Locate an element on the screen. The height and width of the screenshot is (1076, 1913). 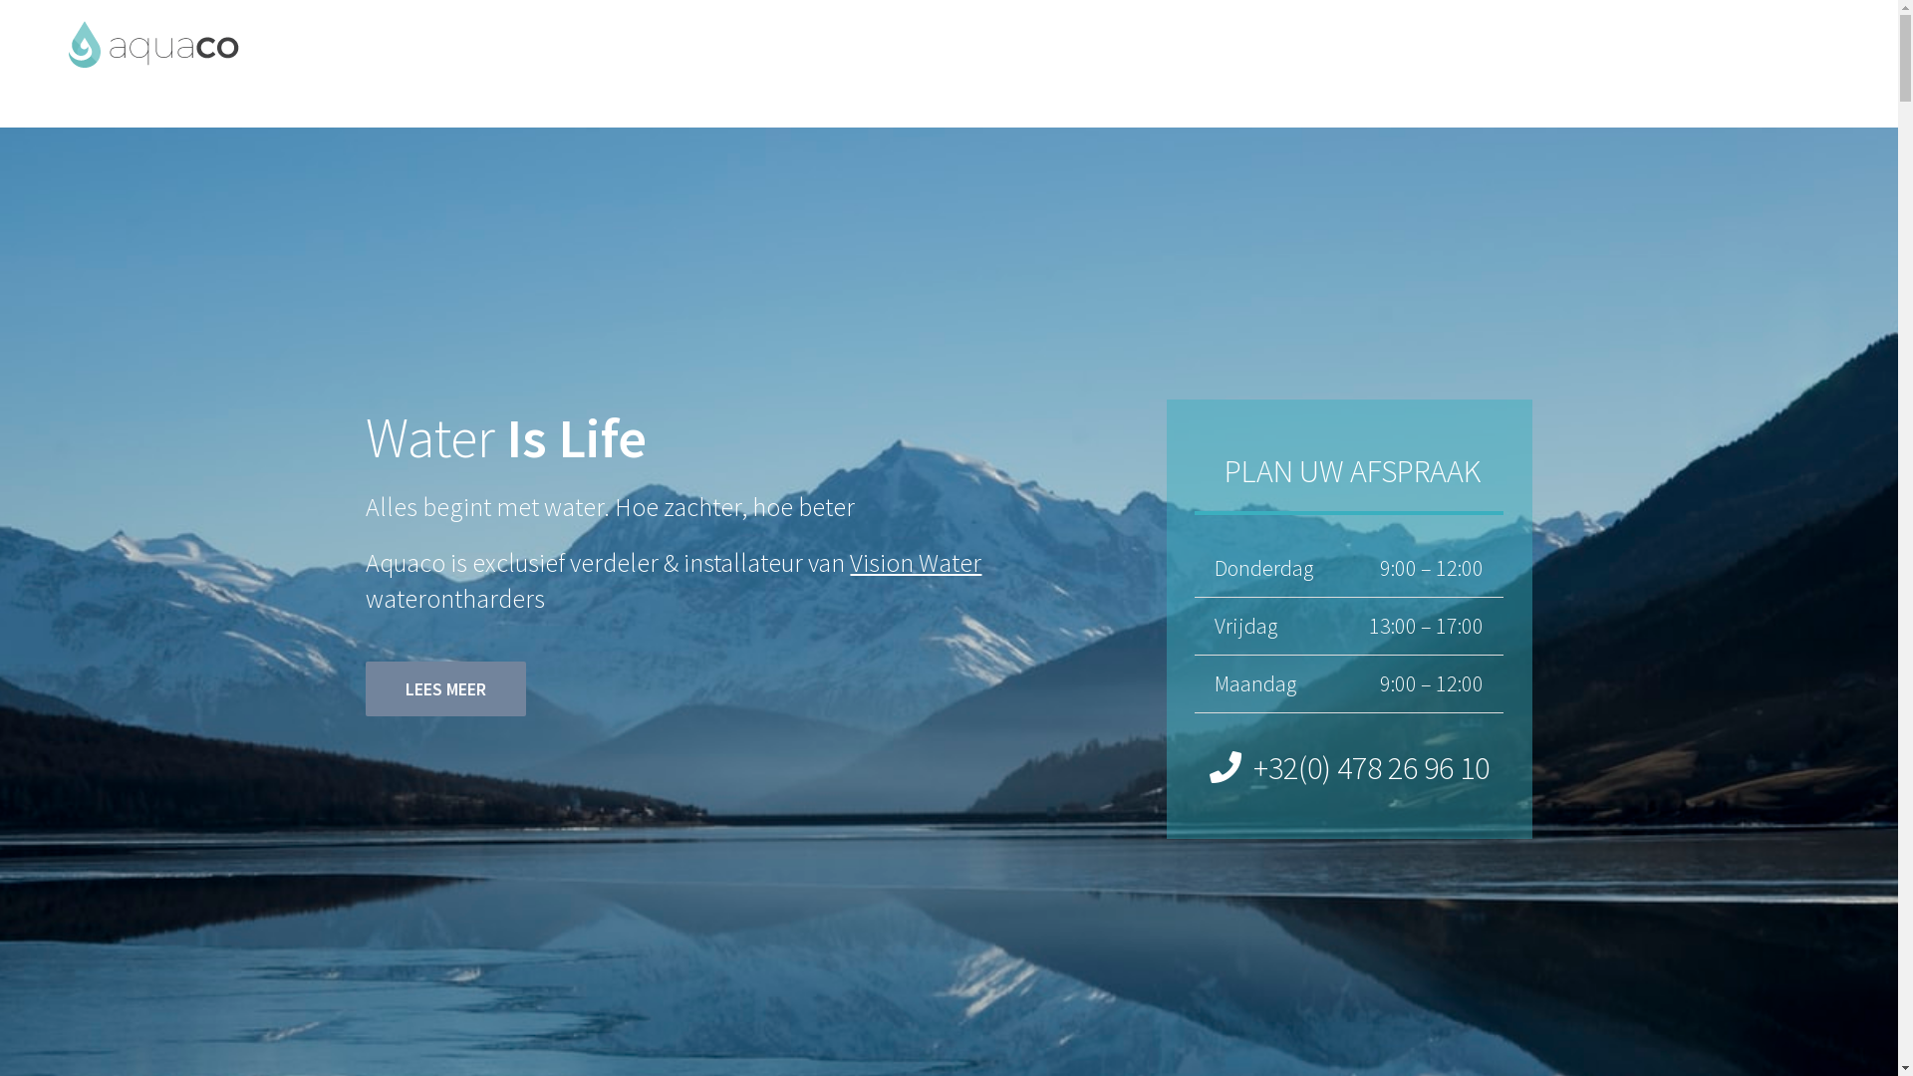
'LEES MEER' is located at coordinates (444, 687).